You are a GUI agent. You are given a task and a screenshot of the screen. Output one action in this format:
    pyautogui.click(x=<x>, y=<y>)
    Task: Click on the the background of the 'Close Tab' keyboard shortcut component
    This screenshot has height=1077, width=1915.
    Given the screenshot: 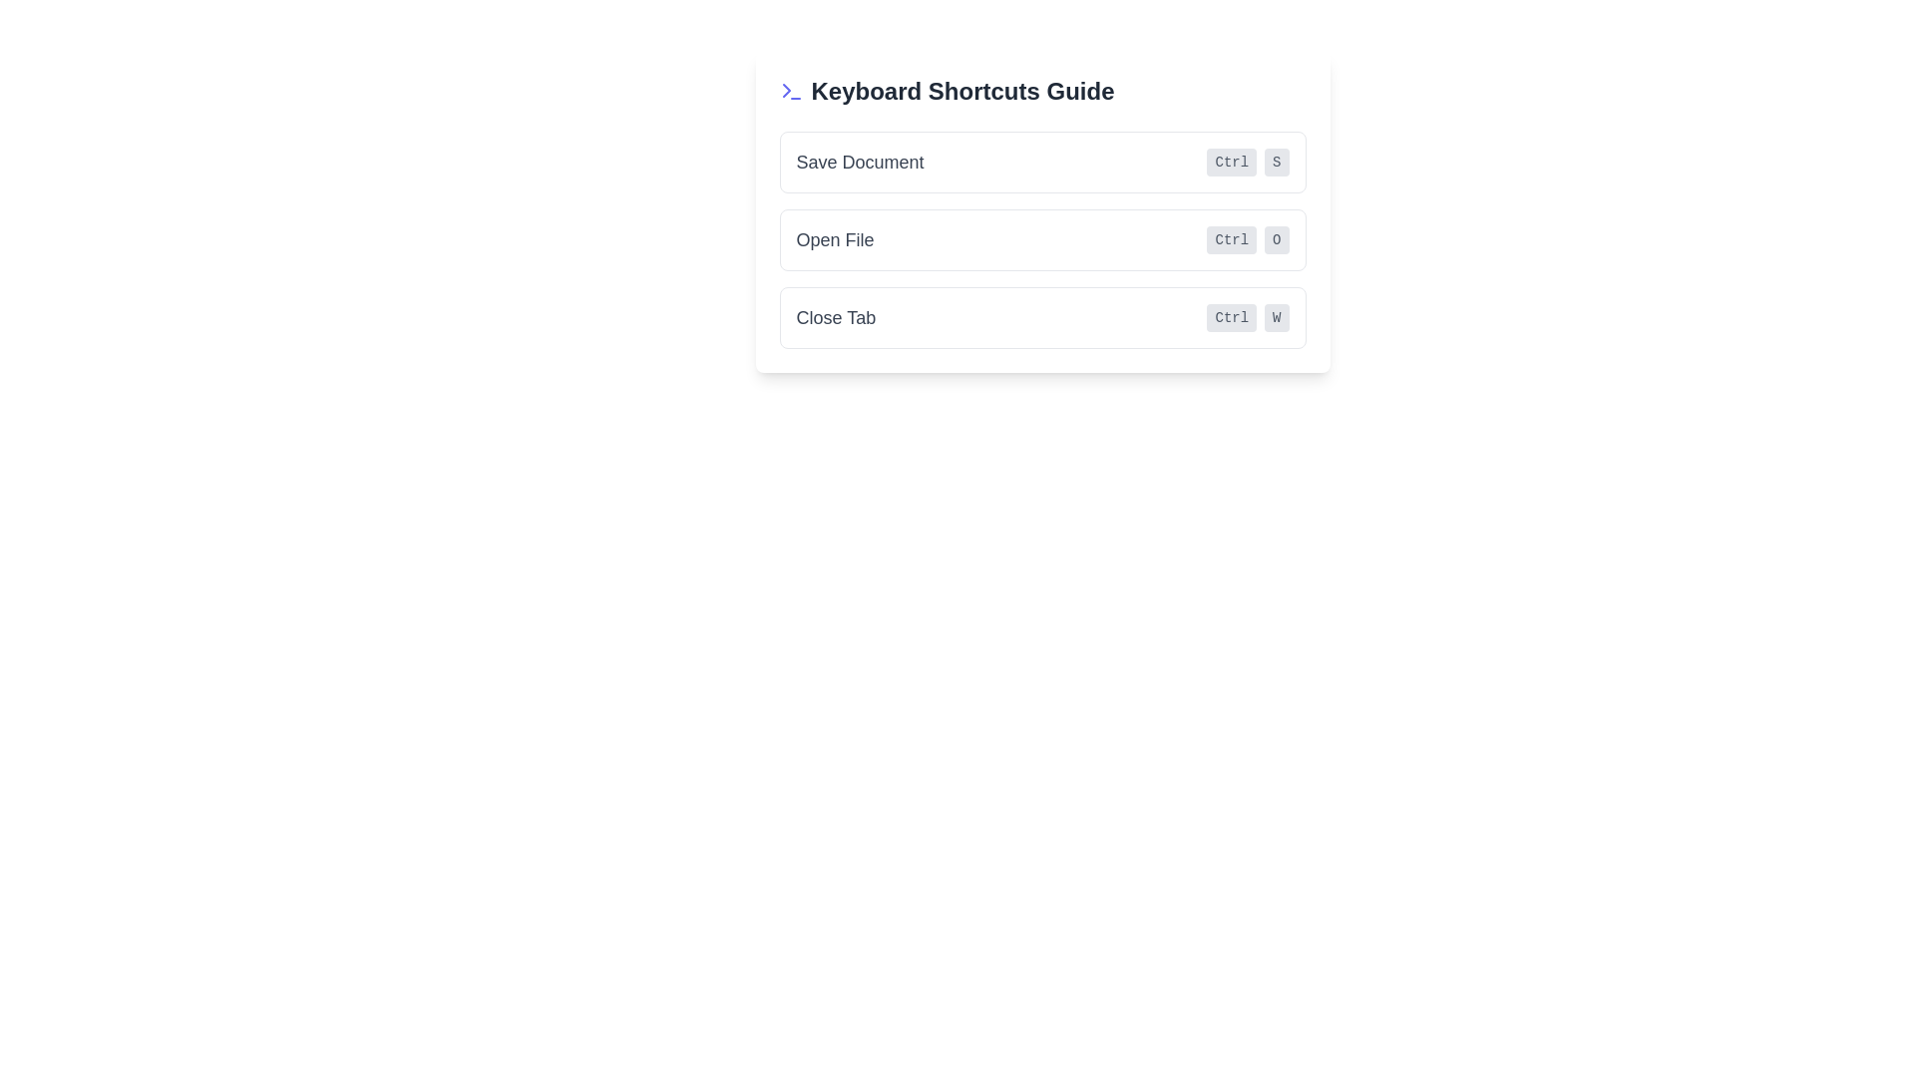 What is the action you would take?
    pyautogui.click(x=1041, y=317)
    